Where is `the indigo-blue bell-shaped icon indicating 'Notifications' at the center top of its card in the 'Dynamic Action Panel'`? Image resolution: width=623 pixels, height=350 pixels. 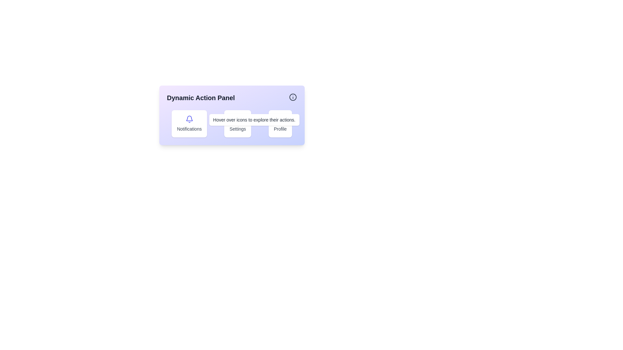
the indigo-blue bell-shaped icon indicating 'Notifications' at the center top of its card in the 'Dynamic Action Panel' is located at coordinates (189, 119).